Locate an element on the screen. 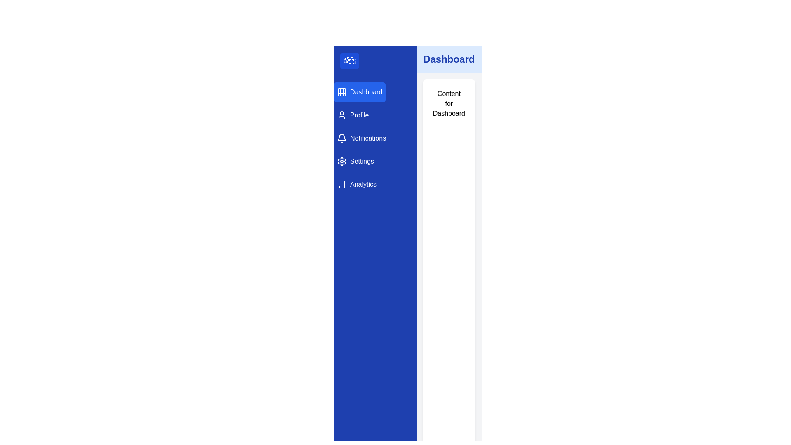  'Dashboard' label text located in the sidebar navigation, positioned under the grid icon and above the 'Profile' navigation text is located at coordinates (366, 92).